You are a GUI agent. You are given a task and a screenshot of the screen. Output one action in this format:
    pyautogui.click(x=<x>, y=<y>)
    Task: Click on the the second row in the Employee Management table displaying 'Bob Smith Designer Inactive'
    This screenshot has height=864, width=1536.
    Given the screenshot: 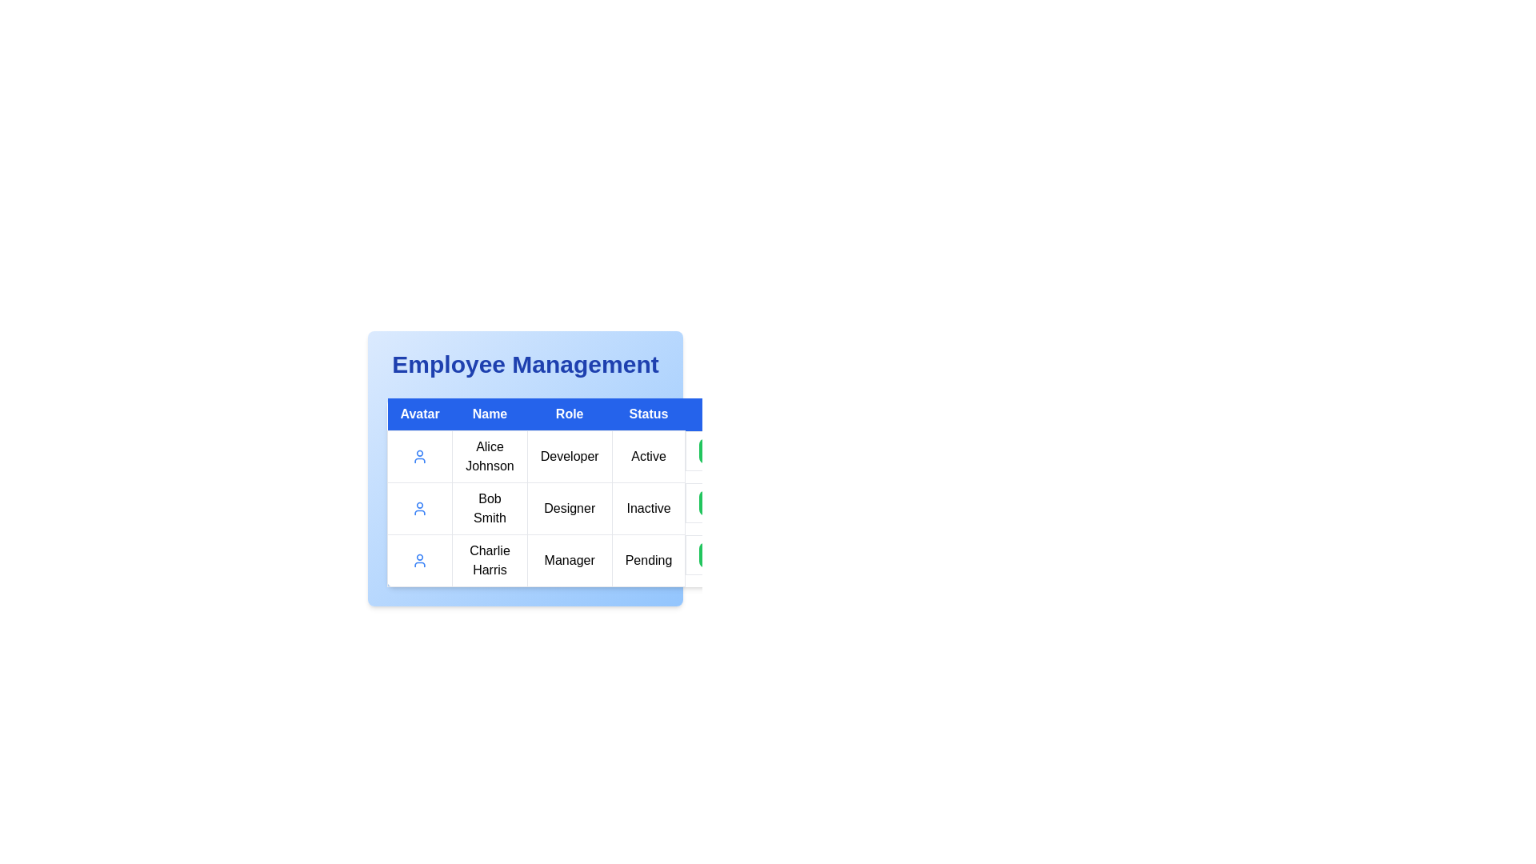 What is the action you would take?
    pyautogui.click(x=594, y=509)
    